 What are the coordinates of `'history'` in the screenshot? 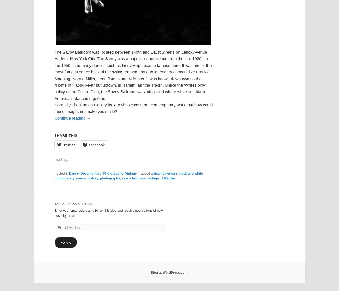 It's located at (92, 178).